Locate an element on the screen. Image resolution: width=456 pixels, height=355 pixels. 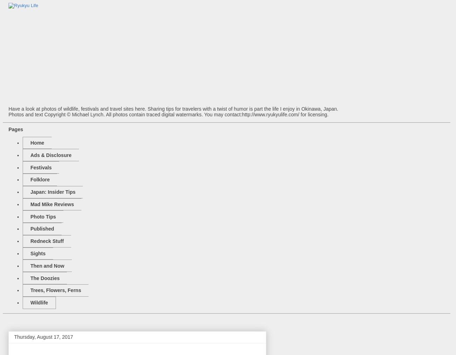
'Then and Now' is located at coordinates (47, 265).